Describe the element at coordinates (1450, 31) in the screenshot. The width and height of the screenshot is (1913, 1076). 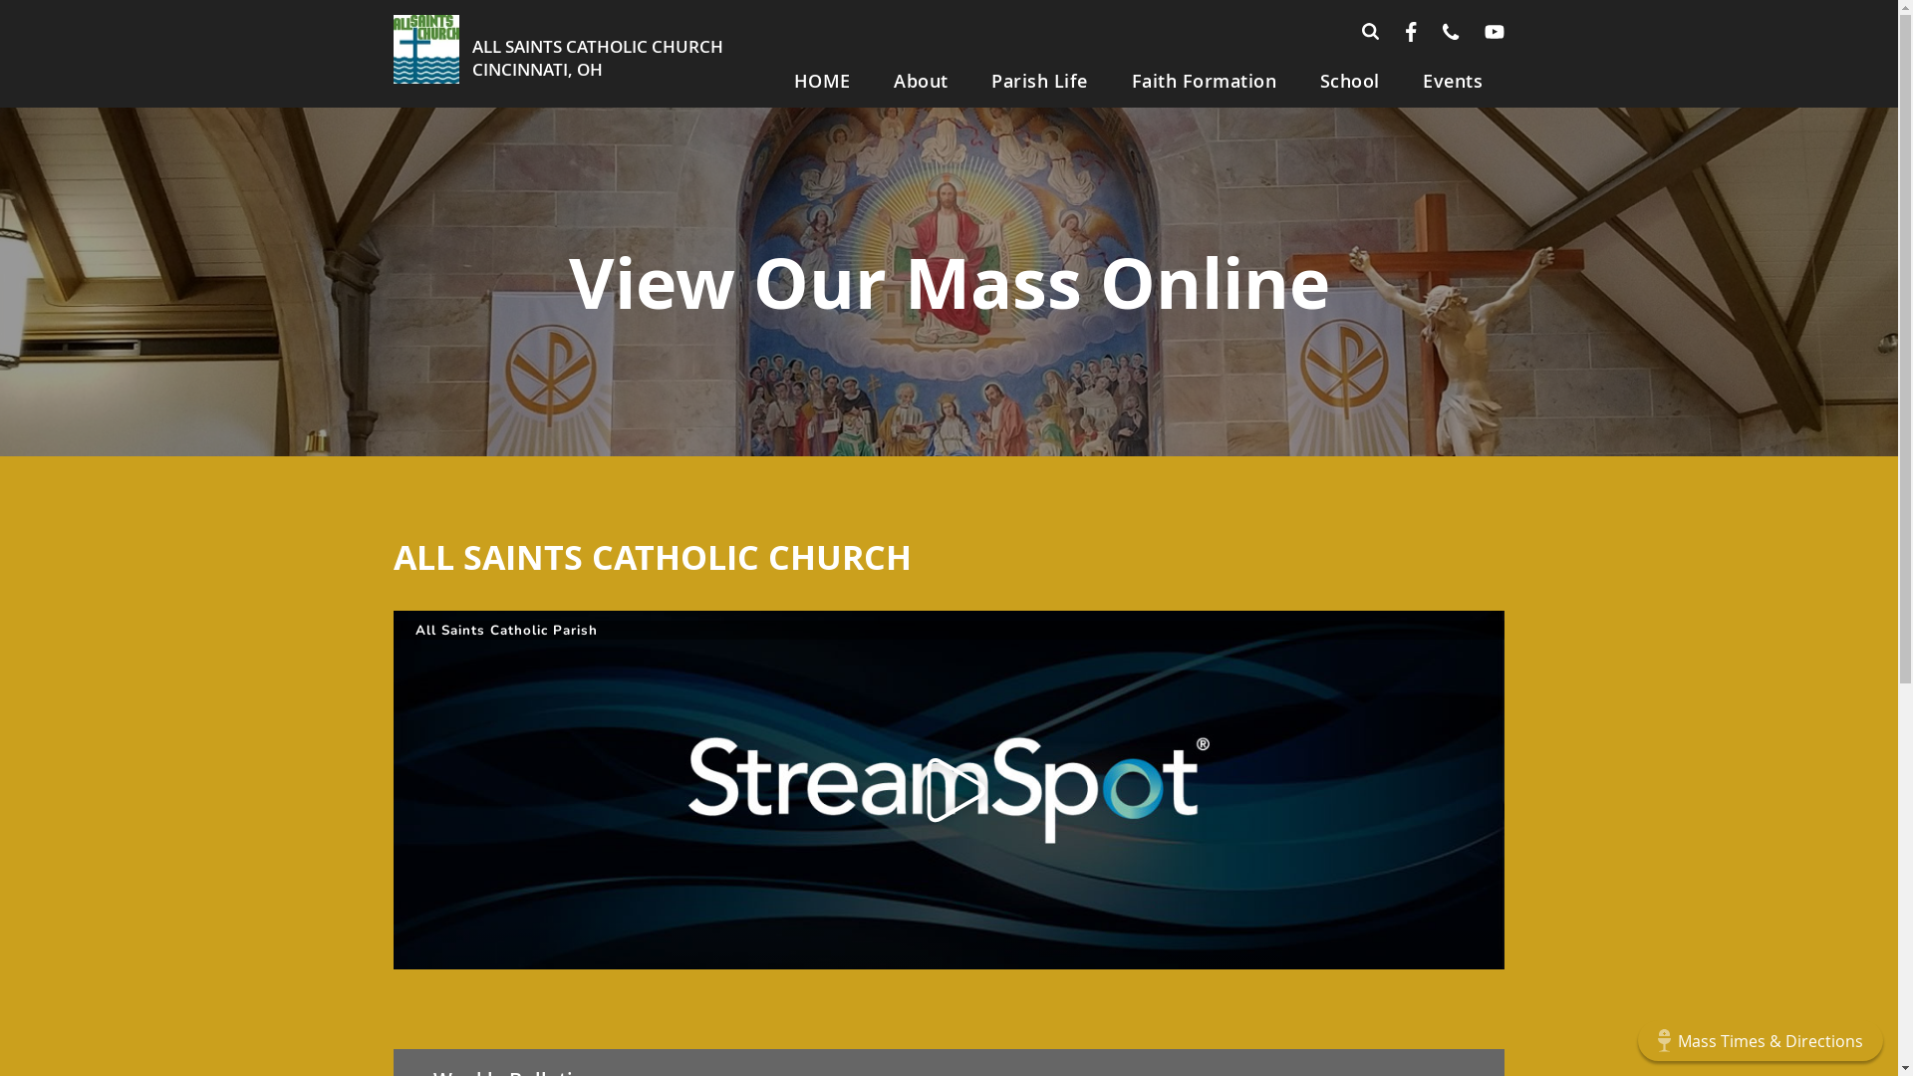
I see `'Phone'` at that location.